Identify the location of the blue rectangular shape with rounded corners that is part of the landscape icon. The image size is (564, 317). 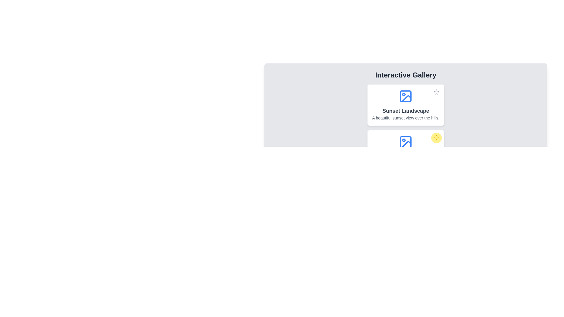
(405, 142).